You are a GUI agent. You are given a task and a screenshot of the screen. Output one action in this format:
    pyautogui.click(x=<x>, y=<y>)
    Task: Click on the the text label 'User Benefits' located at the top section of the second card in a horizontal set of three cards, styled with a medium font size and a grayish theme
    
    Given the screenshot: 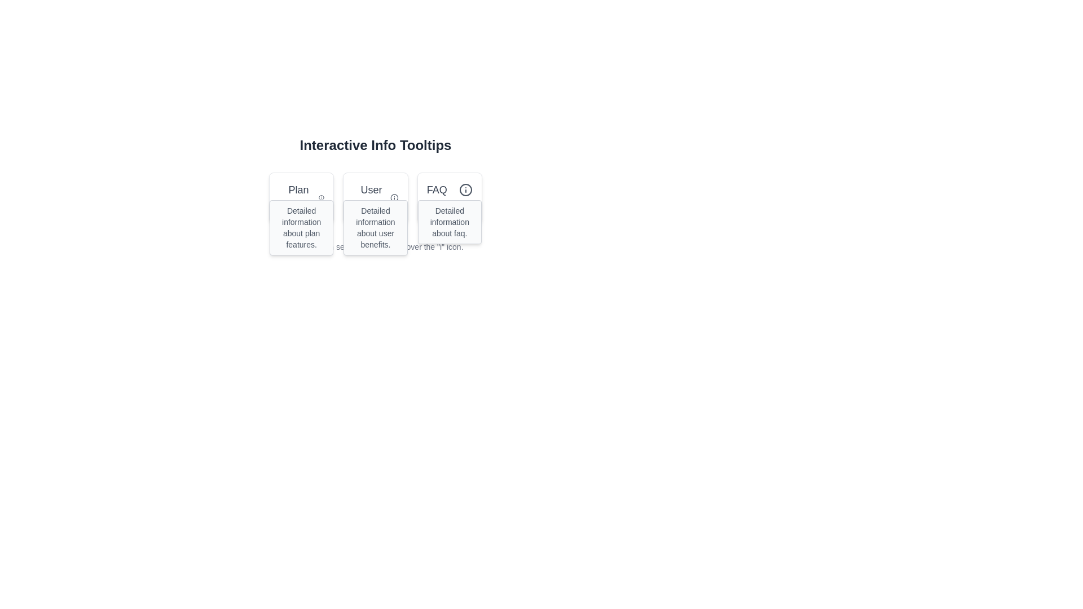 What is the action you would take?
    pyautogui.click(x=371, y=197)
    